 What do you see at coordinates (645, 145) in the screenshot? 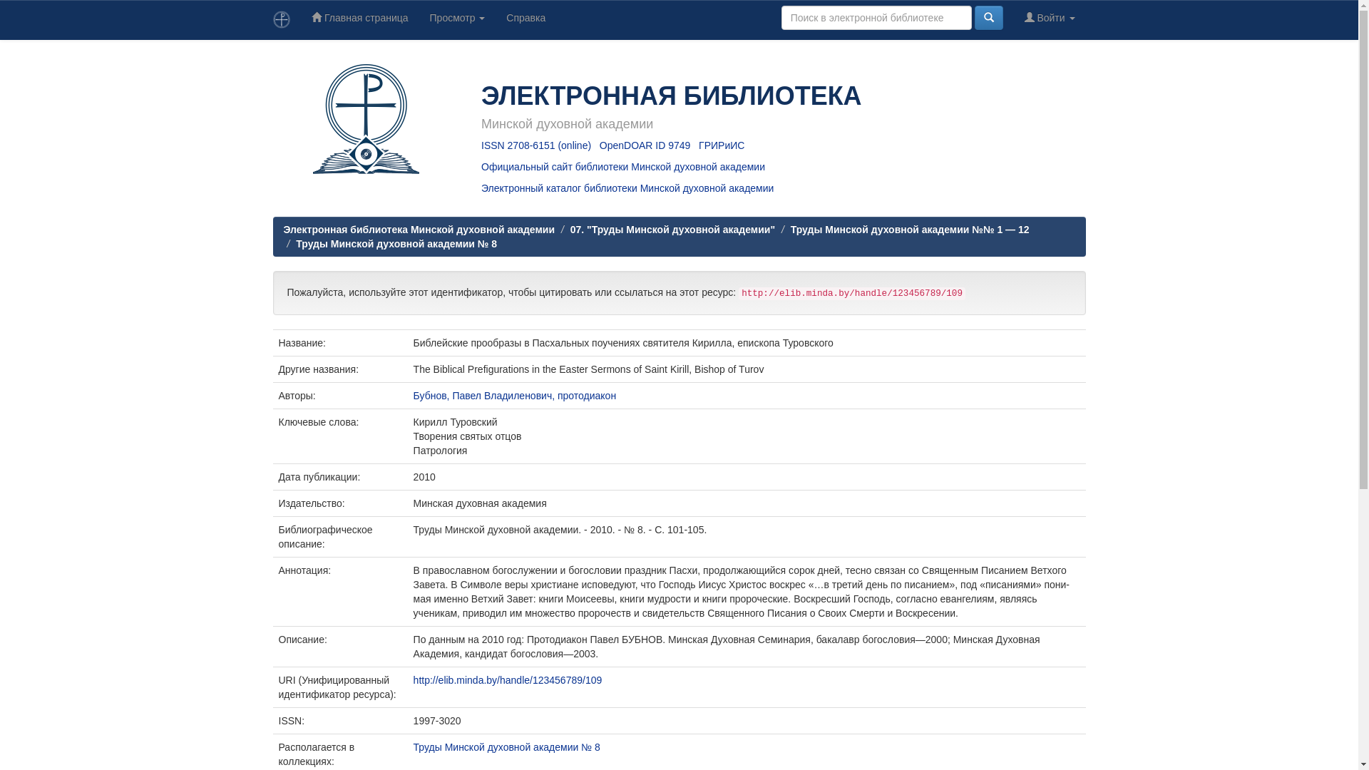
I see `'OpenDOAR ID 9749'` at bounding box center [645, 145].